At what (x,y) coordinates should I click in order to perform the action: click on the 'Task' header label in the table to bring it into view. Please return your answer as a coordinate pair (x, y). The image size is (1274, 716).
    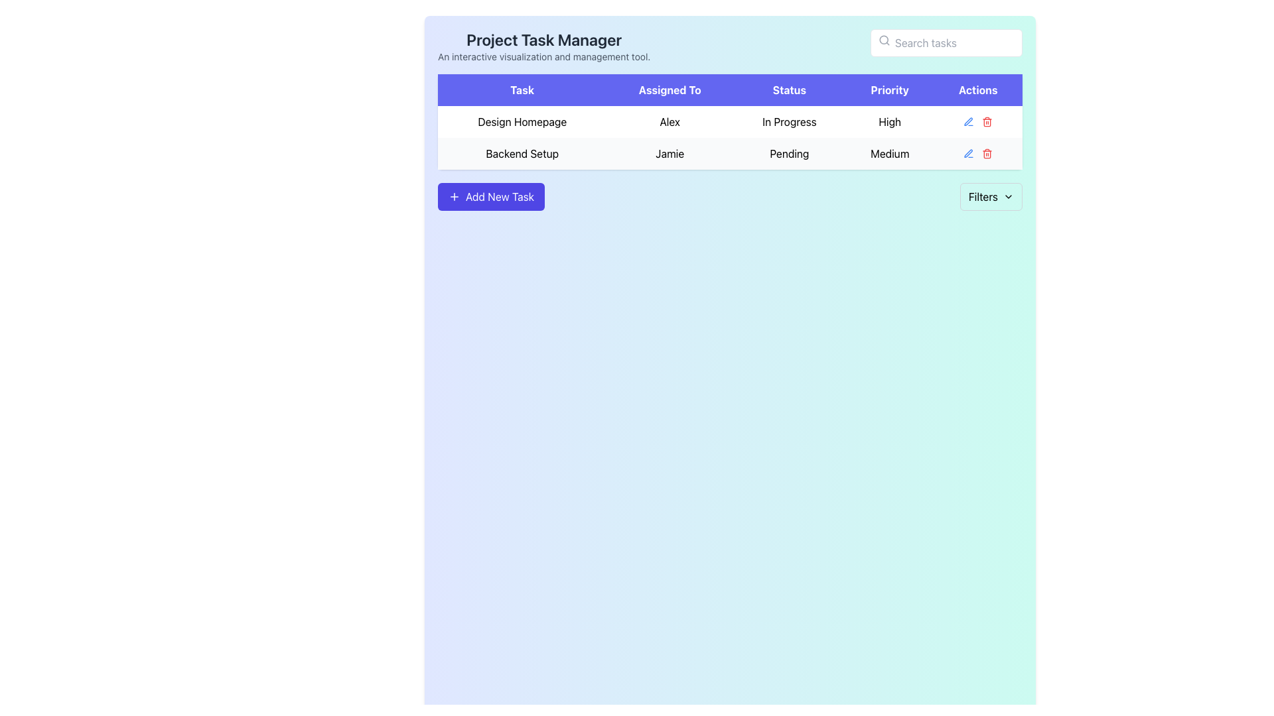
    Looking at the image, I should click on (522, 89).